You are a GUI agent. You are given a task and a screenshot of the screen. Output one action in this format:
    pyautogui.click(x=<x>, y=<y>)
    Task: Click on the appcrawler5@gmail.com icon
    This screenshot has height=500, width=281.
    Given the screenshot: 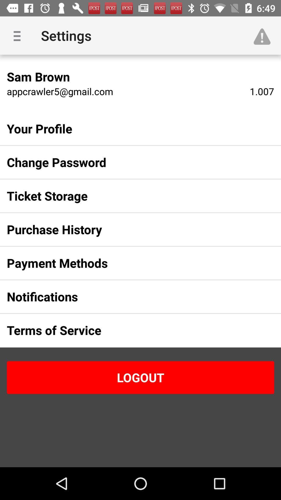 What is the action you would take?
    pyautogui.click(x=60, y=91)
    